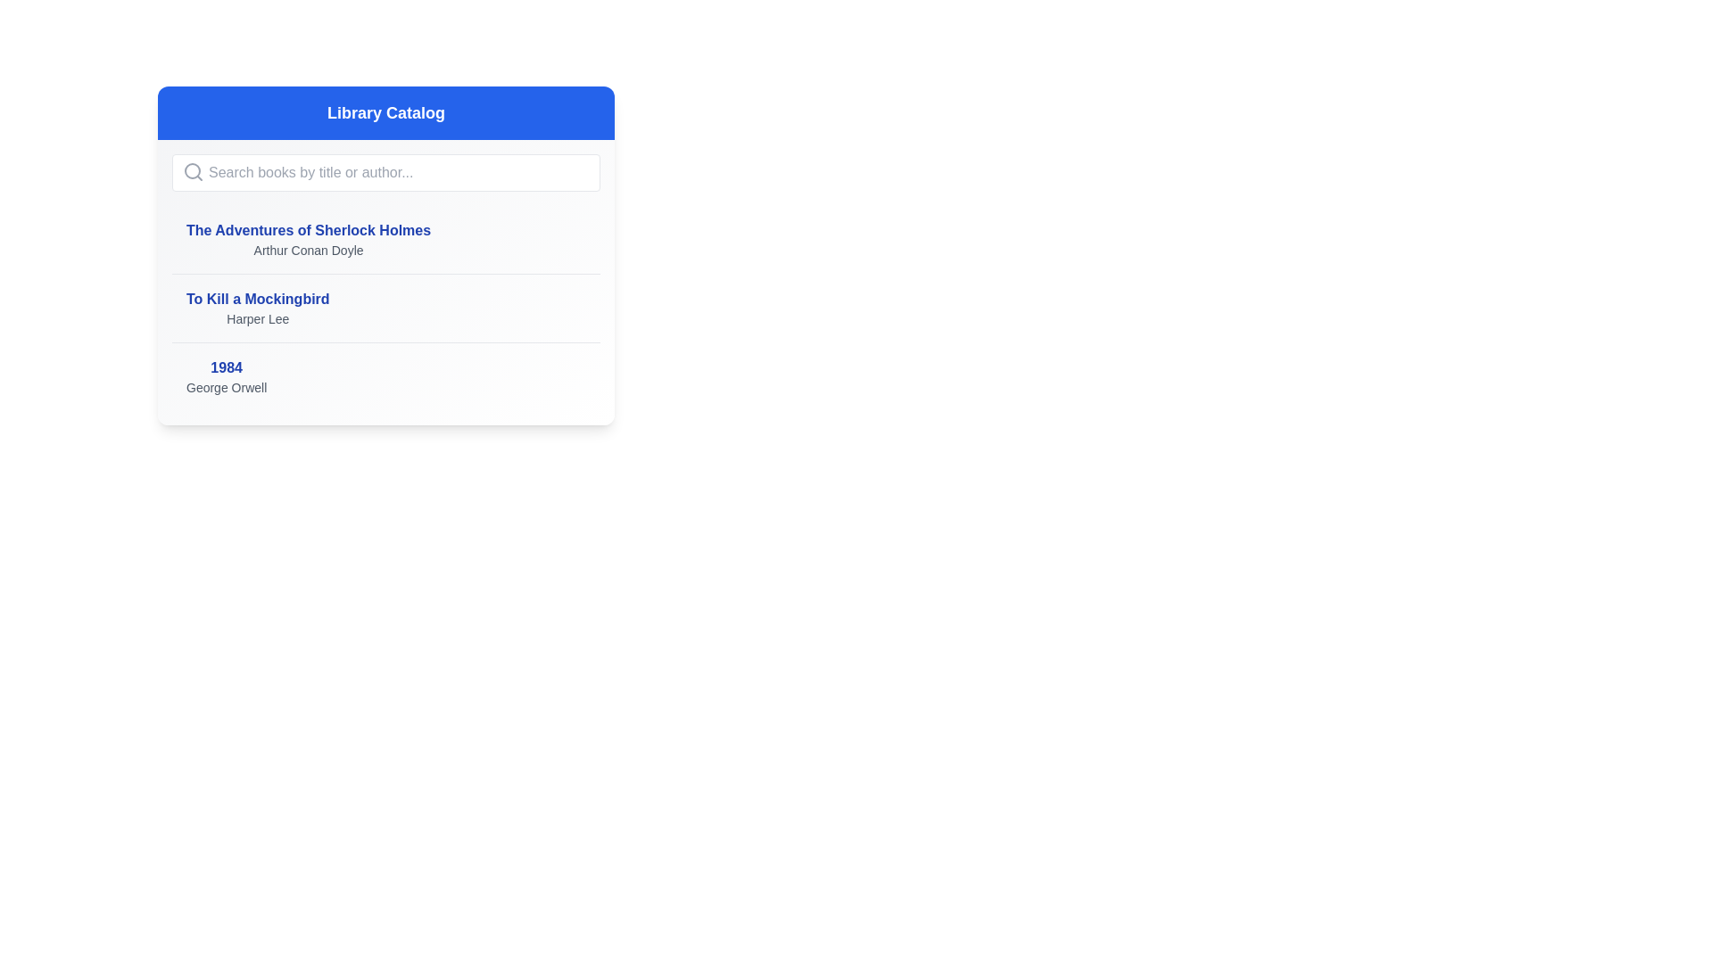 Image resolution: width=1713 pixels, height=963 pixels. What do you see at coordinates (385, 113) in the screenshot?
I see `the 'Library Catalog' text label, which is displayed in bold font on a blue banner at the top-center of the interface` at bounding box center [385, 113].